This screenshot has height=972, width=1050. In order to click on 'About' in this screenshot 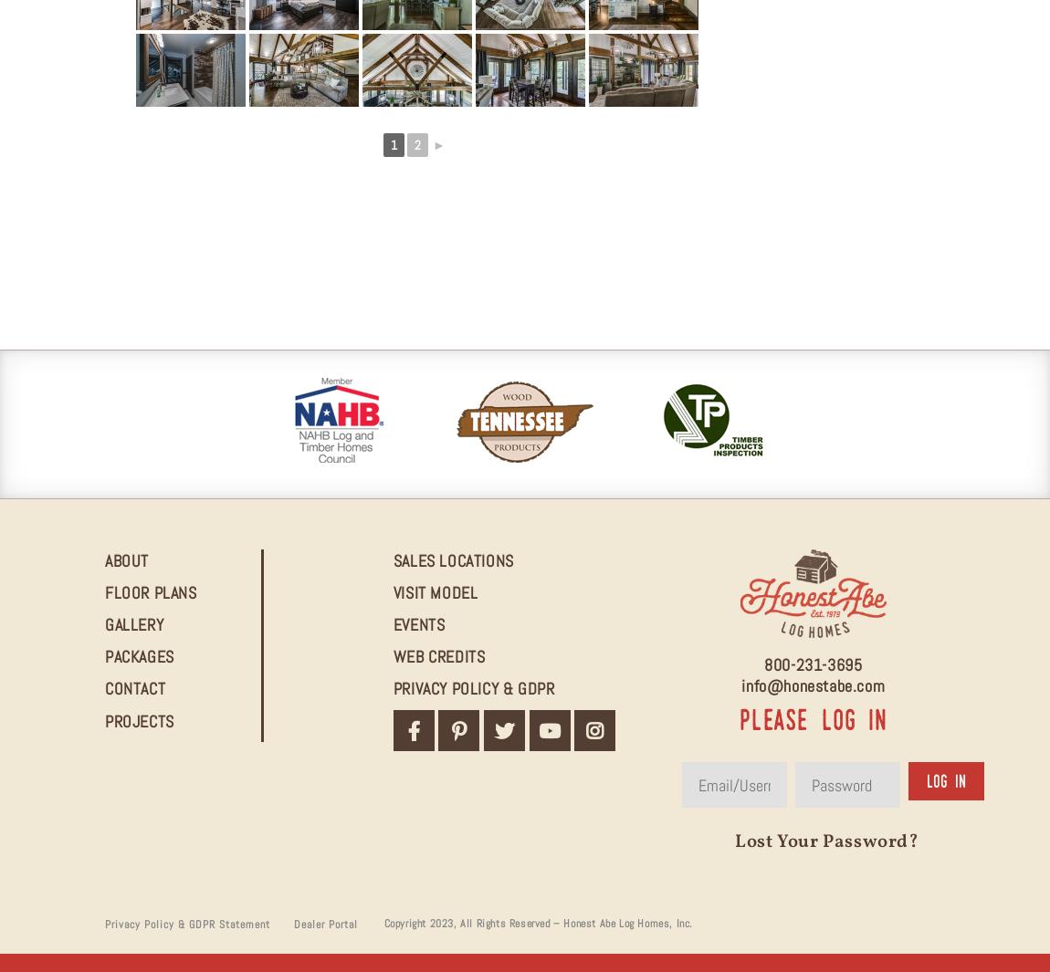, I will do `click(104, 559)`.